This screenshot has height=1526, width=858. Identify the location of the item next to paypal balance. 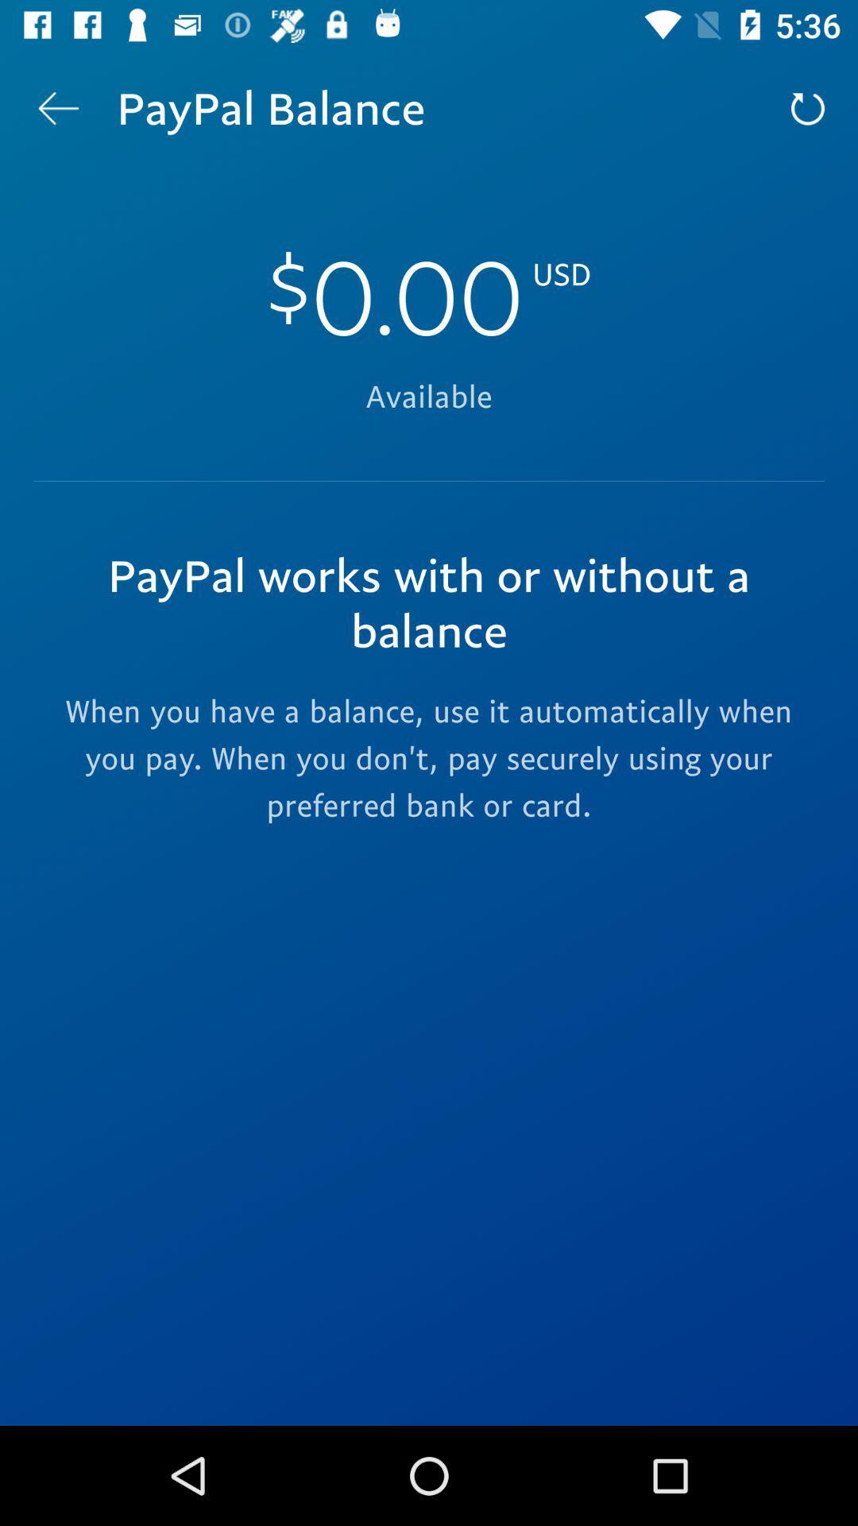
(808, 107).